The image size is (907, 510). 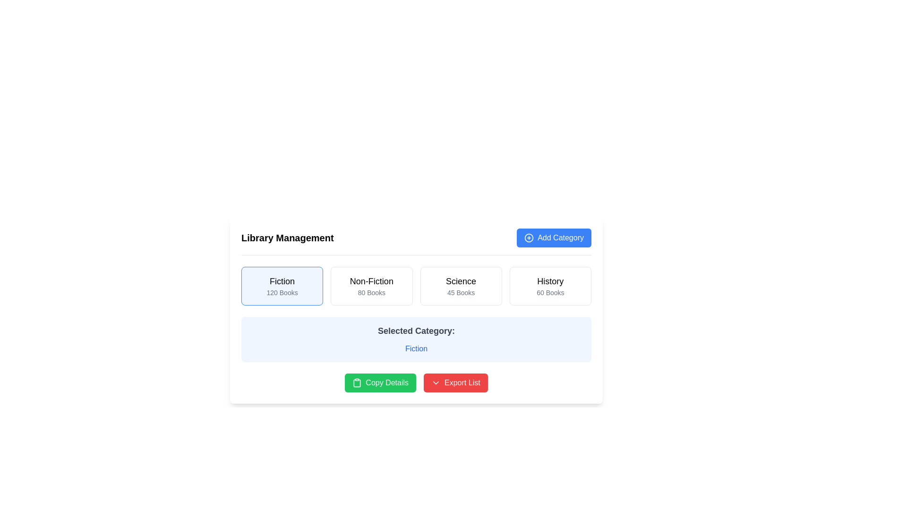 What do you see at coordinates (455, 382) in the screenshot?
I see `the export button located at the bottom right of the content area` at bounding box center [455, 382].